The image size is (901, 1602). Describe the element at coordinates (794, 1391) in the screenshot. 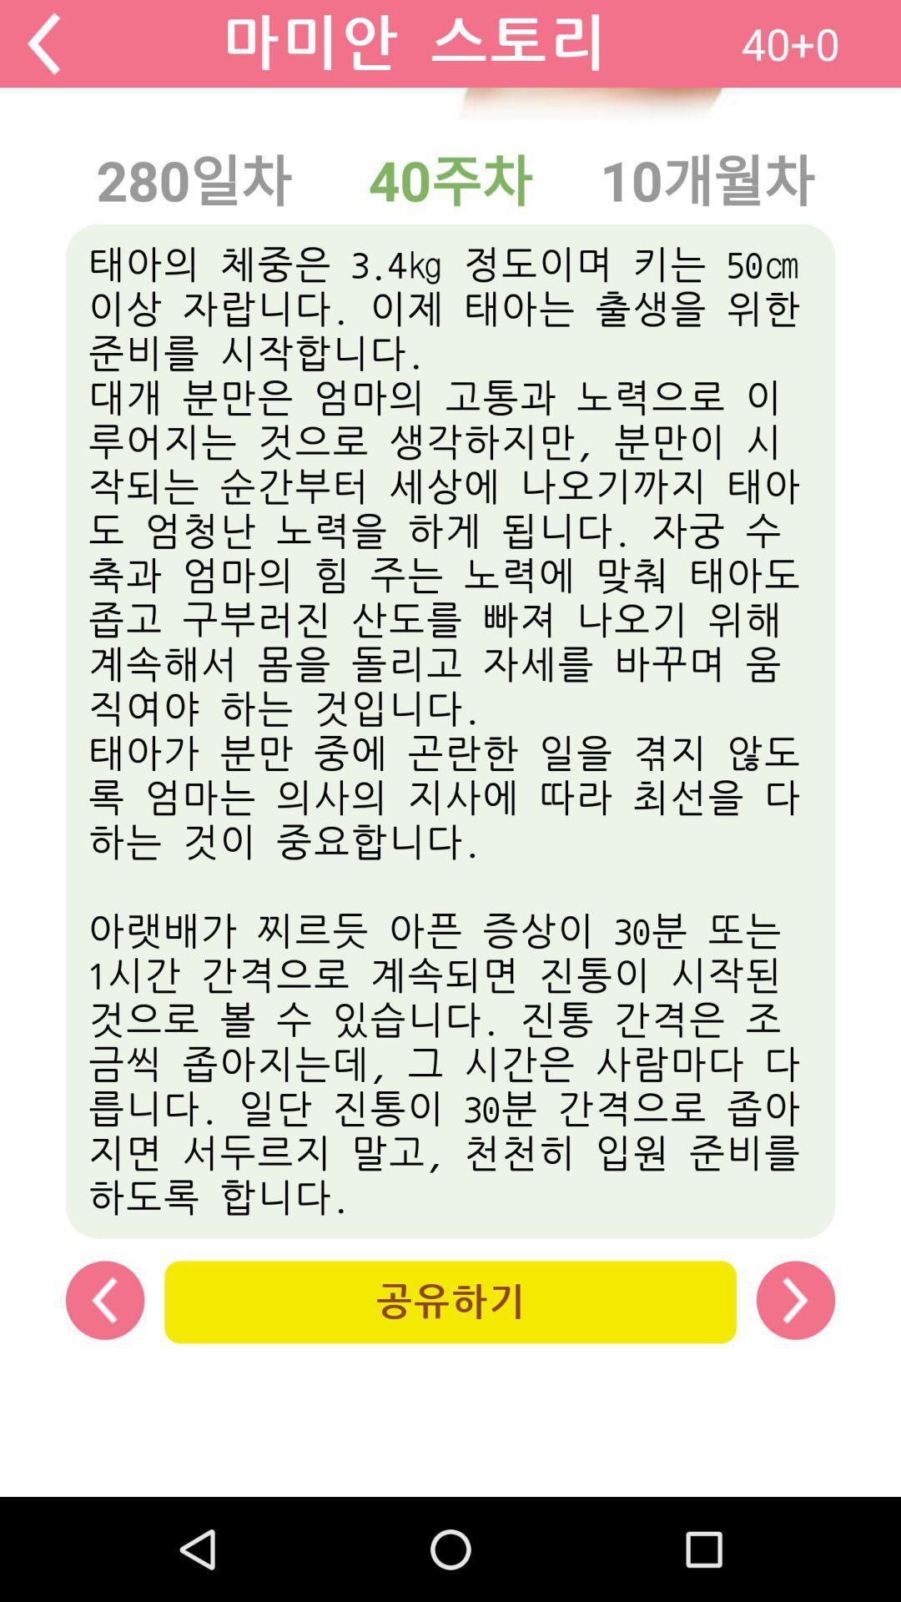

I see `the arrow_forward icon` at that location.